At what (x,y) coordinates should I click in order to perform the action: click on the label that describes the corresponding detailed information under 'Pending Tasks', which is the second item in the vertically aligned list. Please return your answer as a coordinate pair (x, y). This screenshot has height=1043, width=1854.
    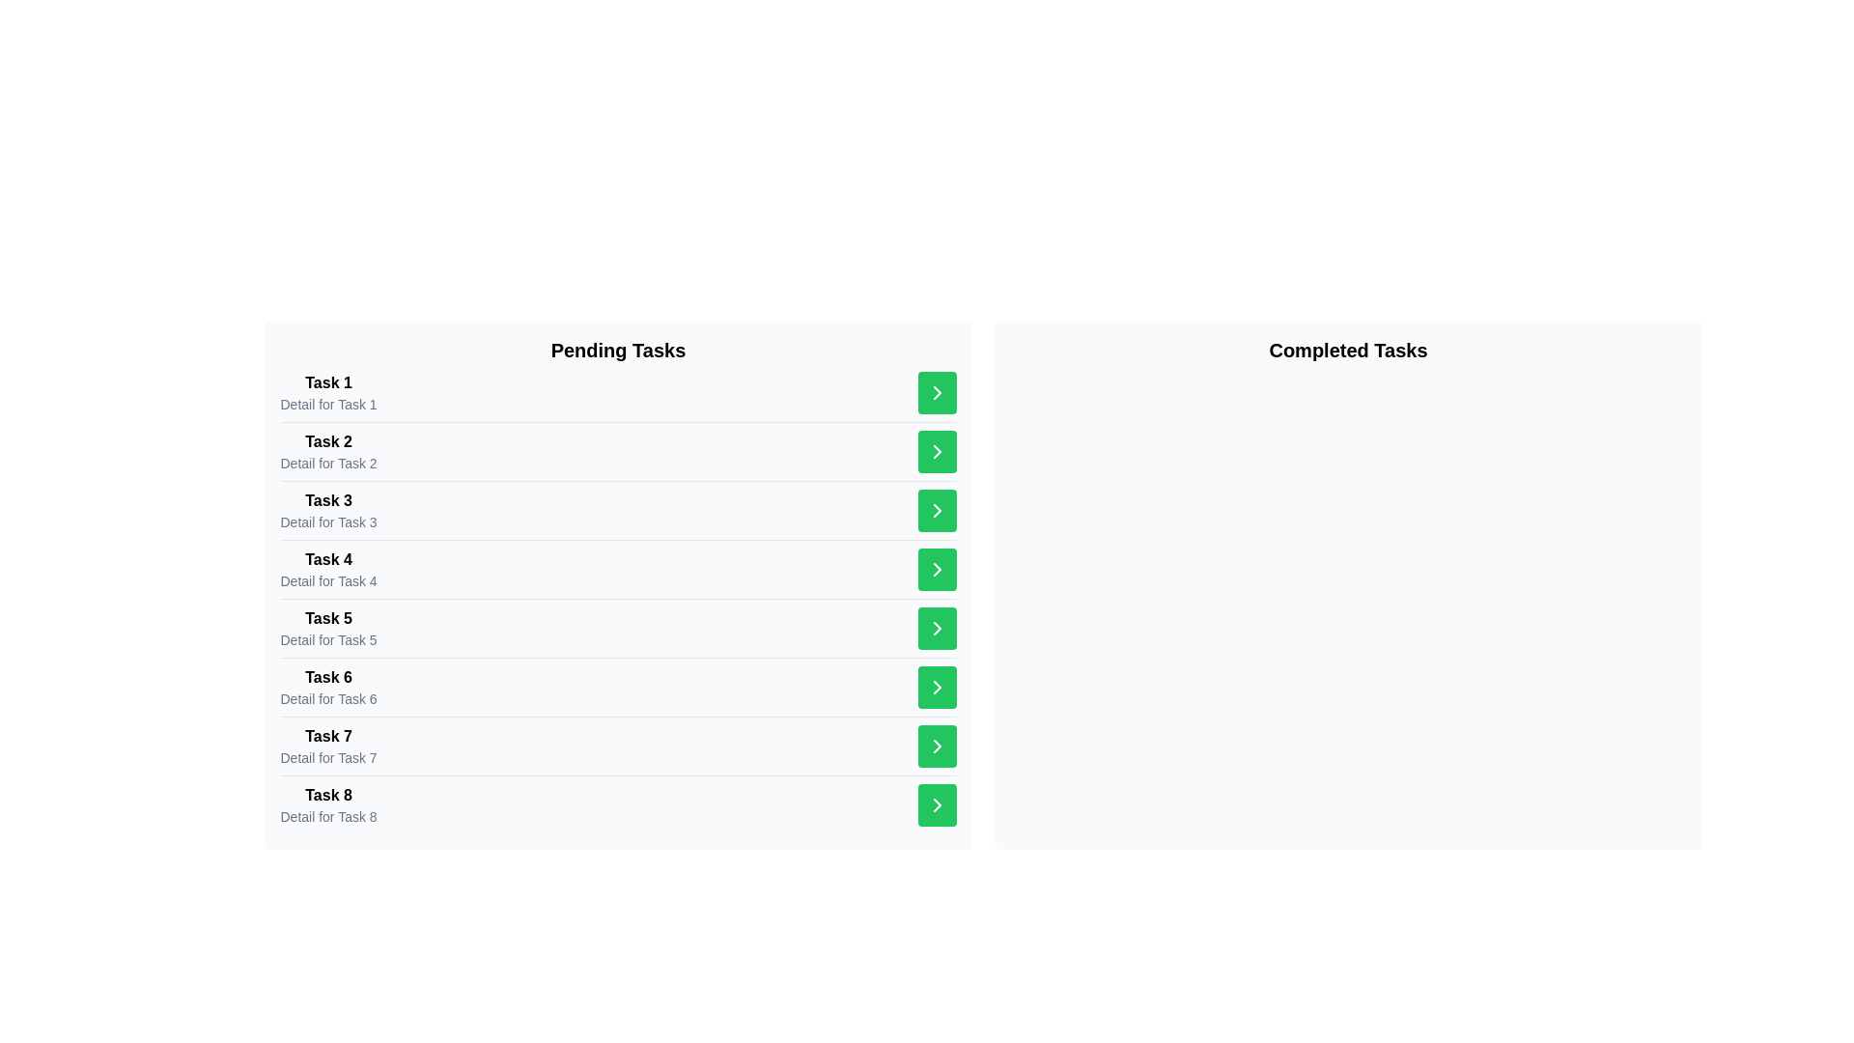
    Looking at the image, I should click on (328, 442).